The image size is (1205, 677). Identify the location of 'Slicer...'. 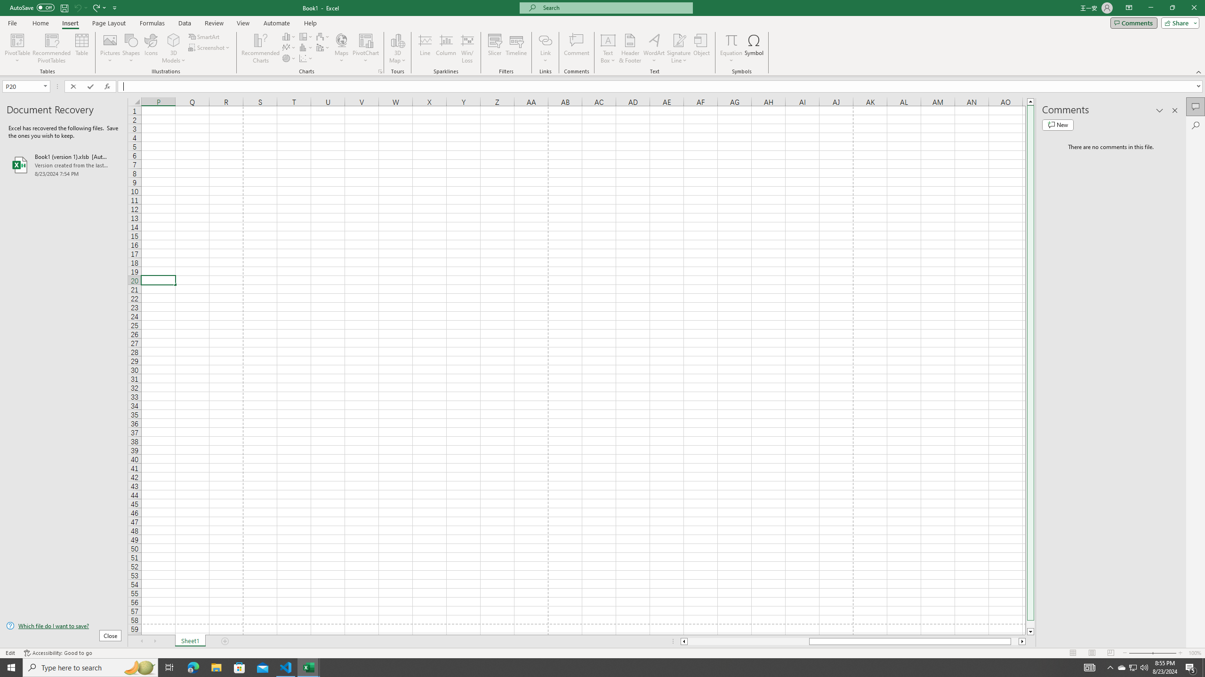
(494, 48).